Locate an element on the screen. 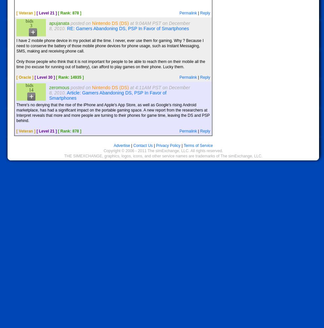 The height and width of the screenshot is (328, 324). 'I have 2 mobile phone device in my pocket all the time. I never, ever use them for gaming. Why ? Because I need to conserve the battery of those mobile phone devices for phone usage, such as Instant Messaging, SMS, making and receiving phone call.' is located at coordinates (110, 46).